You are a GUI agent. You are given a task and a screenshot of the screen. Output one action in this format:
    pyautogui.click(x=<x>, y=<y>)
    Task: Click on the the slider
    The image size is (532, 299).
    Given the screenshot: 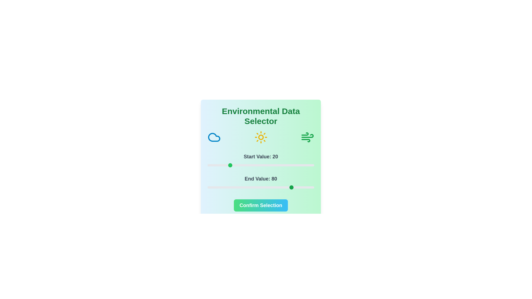 What is the action you would take?
    pyautogui.click(x=249, y=187)
    